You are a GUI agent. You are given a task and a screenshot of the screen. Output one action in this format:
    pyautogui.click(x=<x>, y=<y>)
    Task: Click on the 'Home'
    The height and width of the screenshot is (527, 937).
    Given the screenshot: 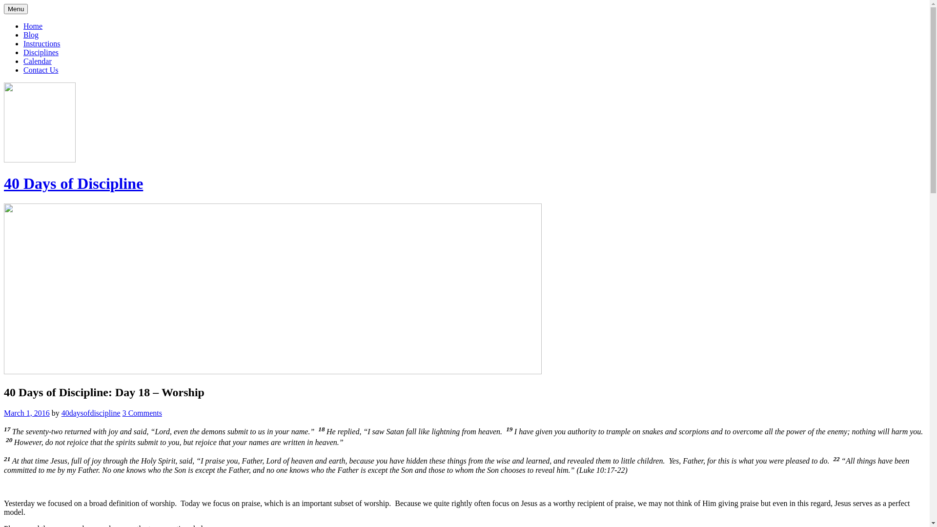 What is the action you would take?
    pyautogui.click(x=33, y=25)
    